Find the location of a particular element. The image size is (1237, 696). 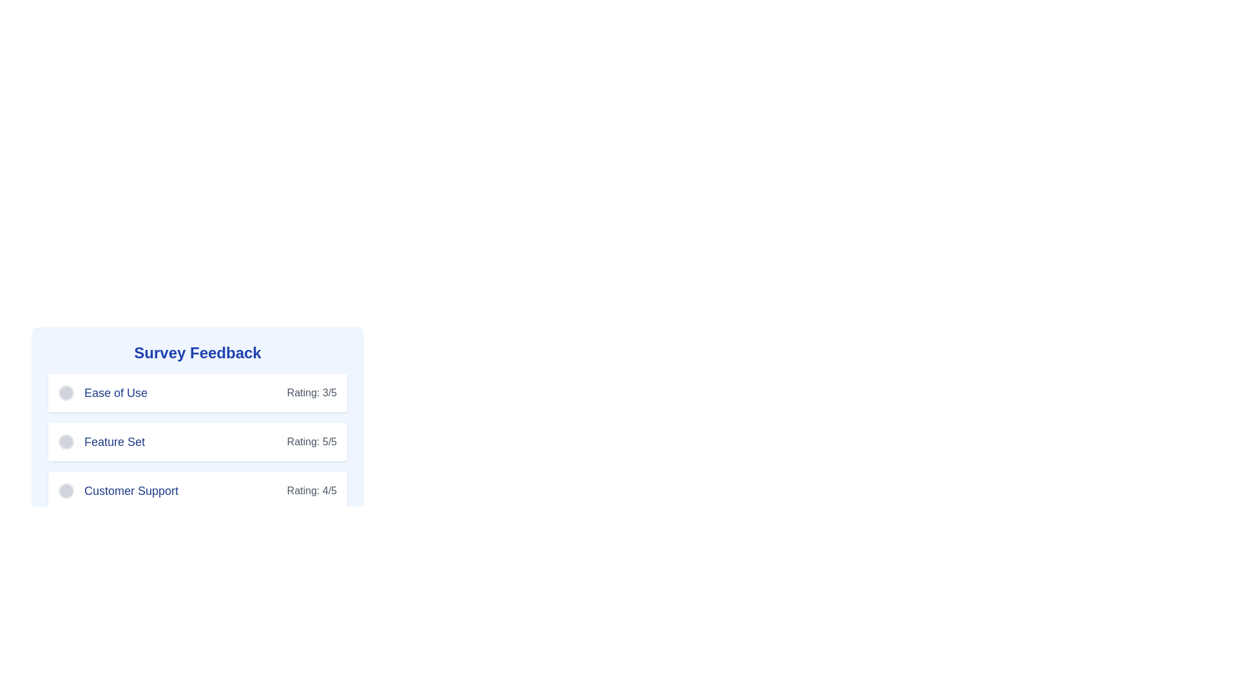

the circular icon next to the 'Customer Support' text in the feedback item row is located at coordinates (119, 491).